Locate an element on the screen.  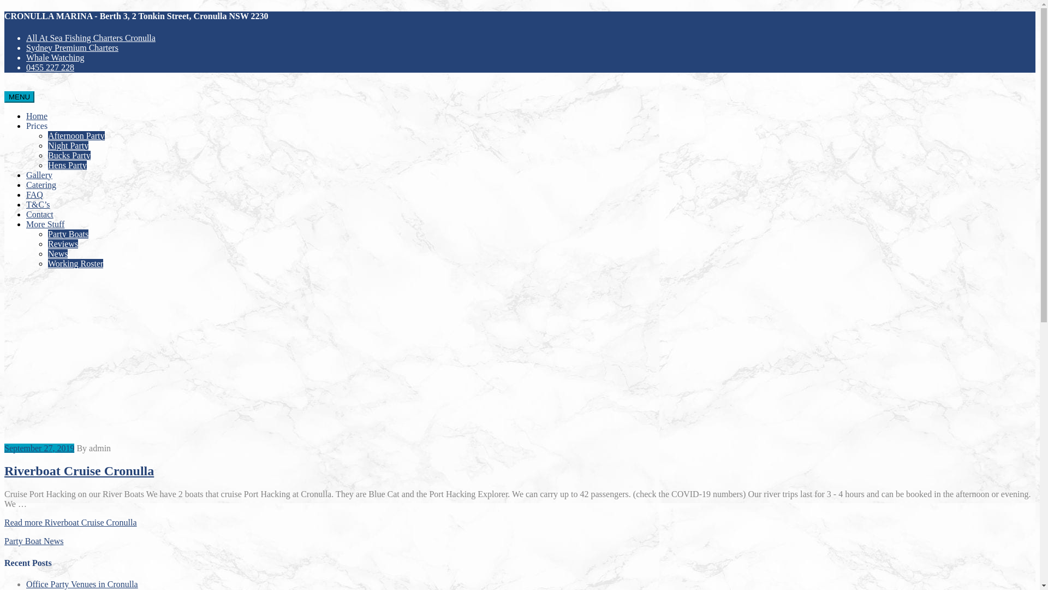
'Party Boats' is located at coordinates (67, 233).